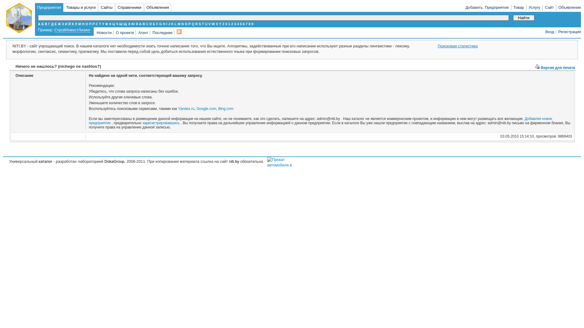  I want to click on 'Bing.com', so click(225, 108).